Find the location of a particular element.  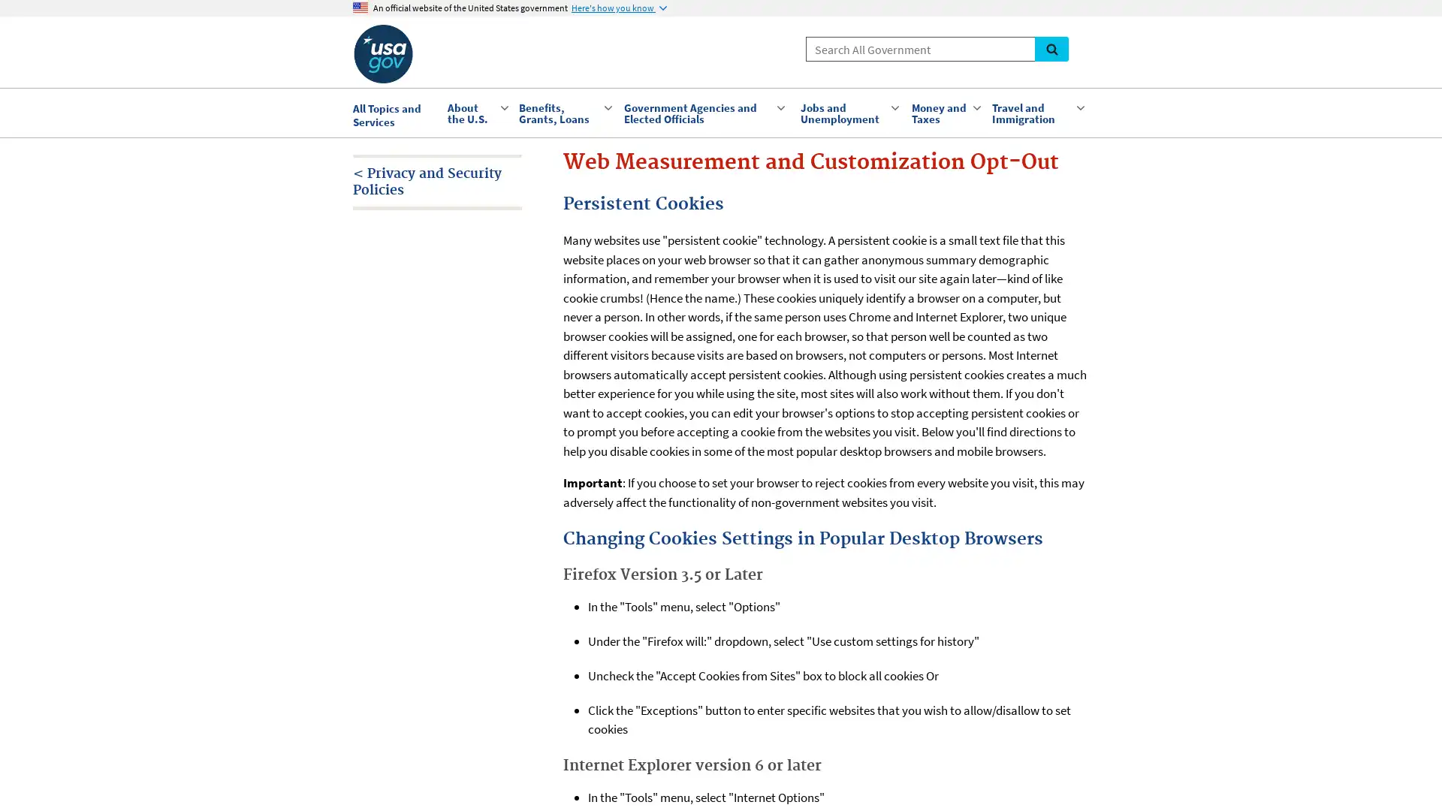

Government Agencies and Elected Officials is located at coordinates (703, 112).